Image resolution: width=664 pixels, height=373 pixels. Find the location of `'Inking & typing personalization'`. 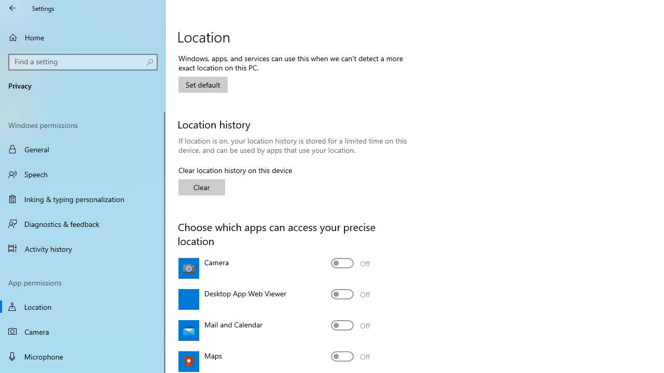

'Inking & typing personalization' is located at coordinates (83, 199).